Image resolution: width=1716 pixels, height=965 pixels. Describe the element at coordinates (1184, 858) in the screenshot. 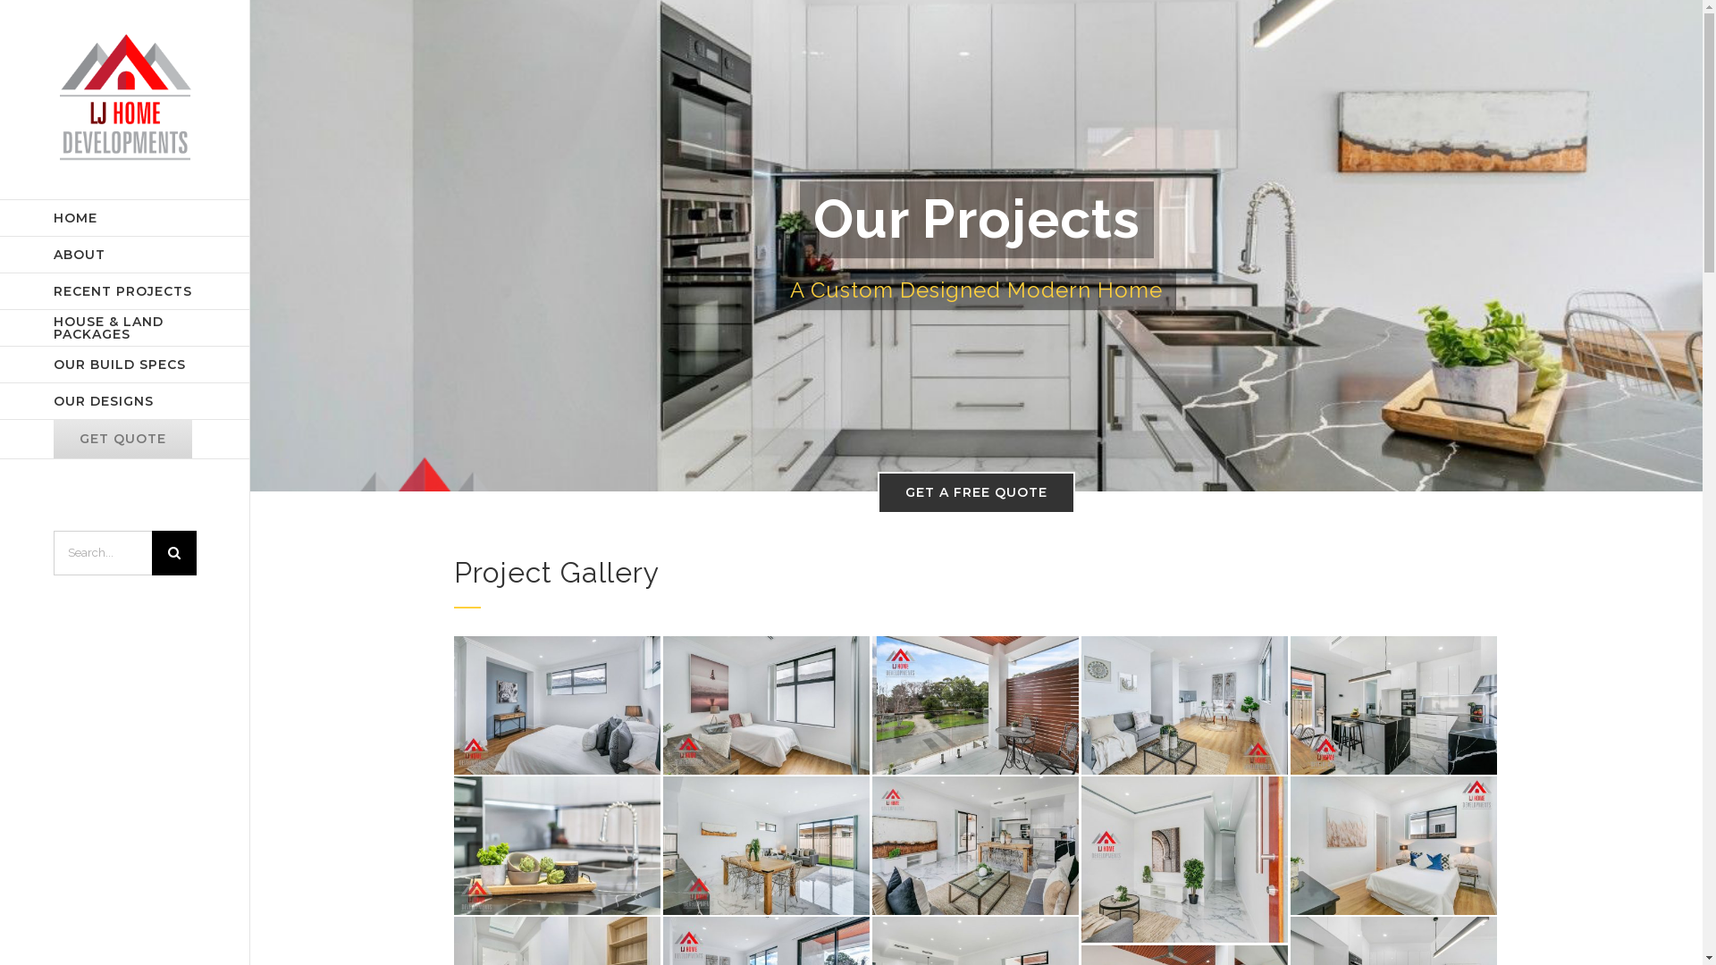

I see `'8'` at that location.